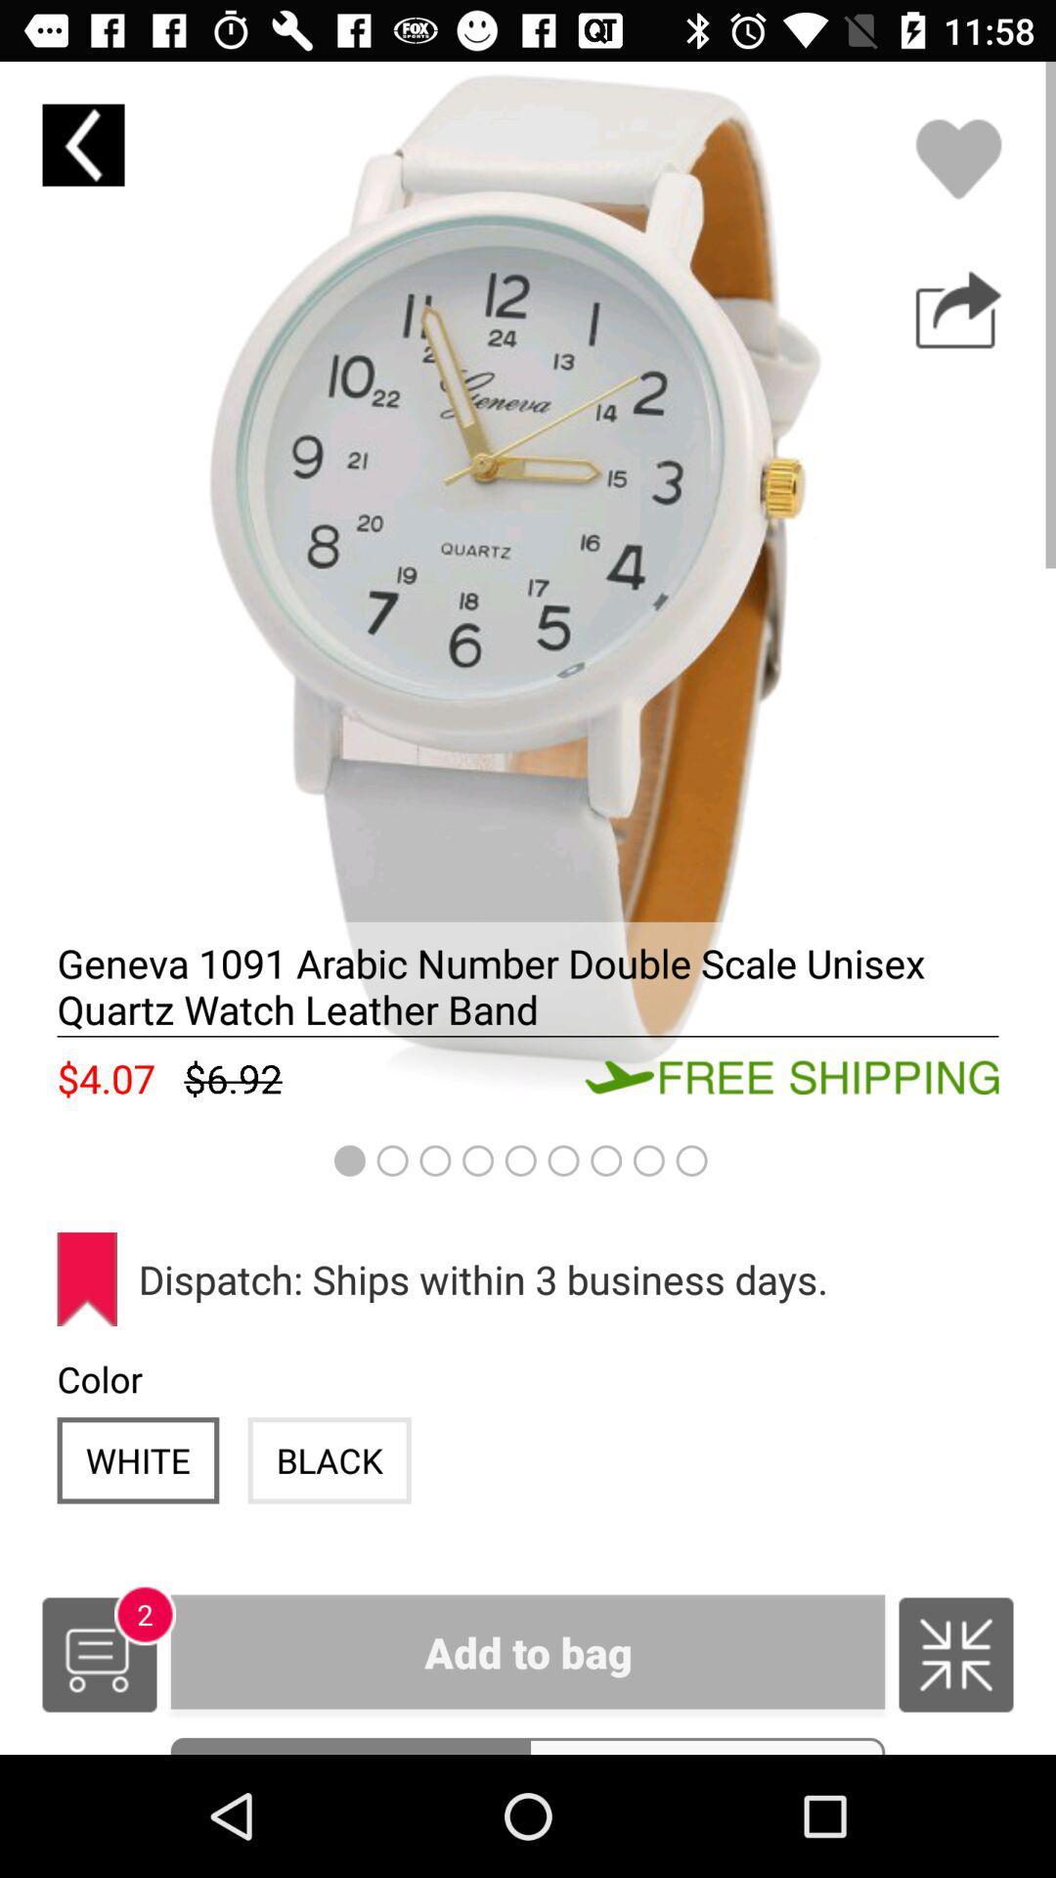 The height and width of the screenshot is (1878, 1056). Describe the element at coordinates (706, 1746) in the screenshot. I see `the sizes item` at that location.